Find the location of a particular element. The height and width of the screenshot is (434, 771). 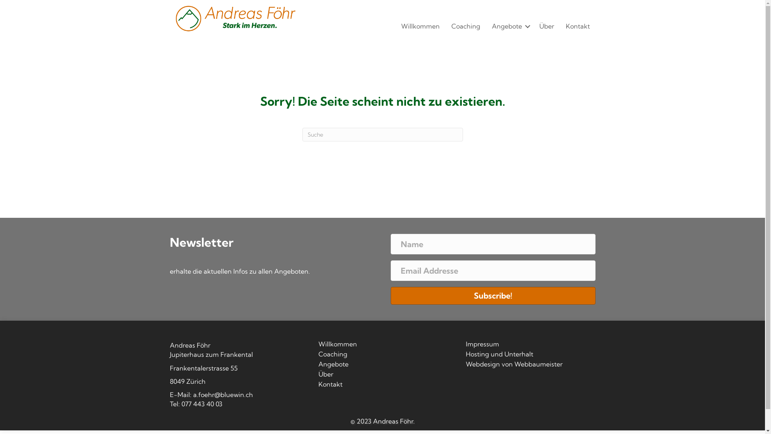

'077 443 40 03' is located at coordinates (181, 404).